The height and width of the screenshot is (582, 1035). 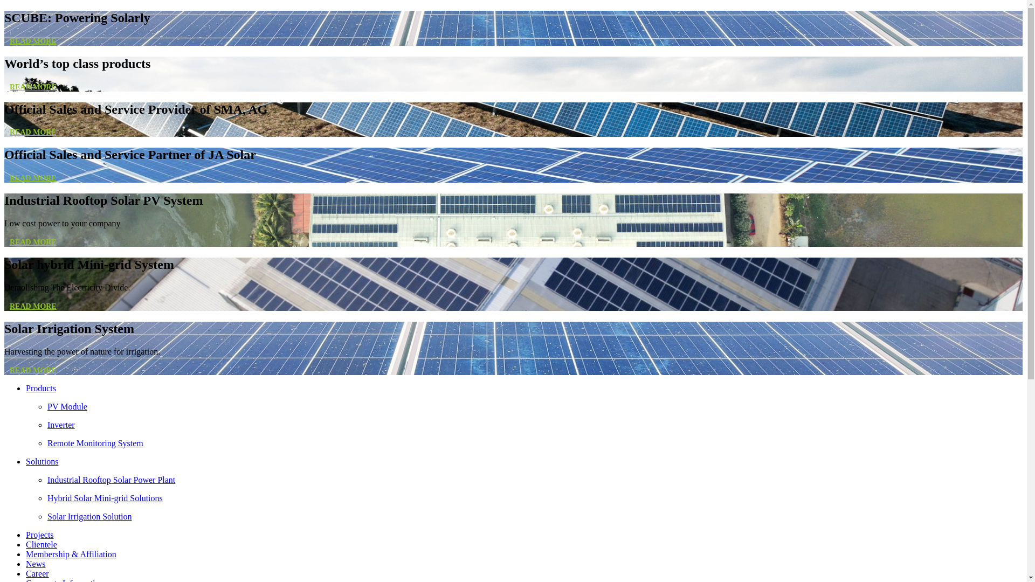 What do you see at coordinates (535, 425) in the screenshot?
I see `'Inverter'` at bounding box center [535, 425].